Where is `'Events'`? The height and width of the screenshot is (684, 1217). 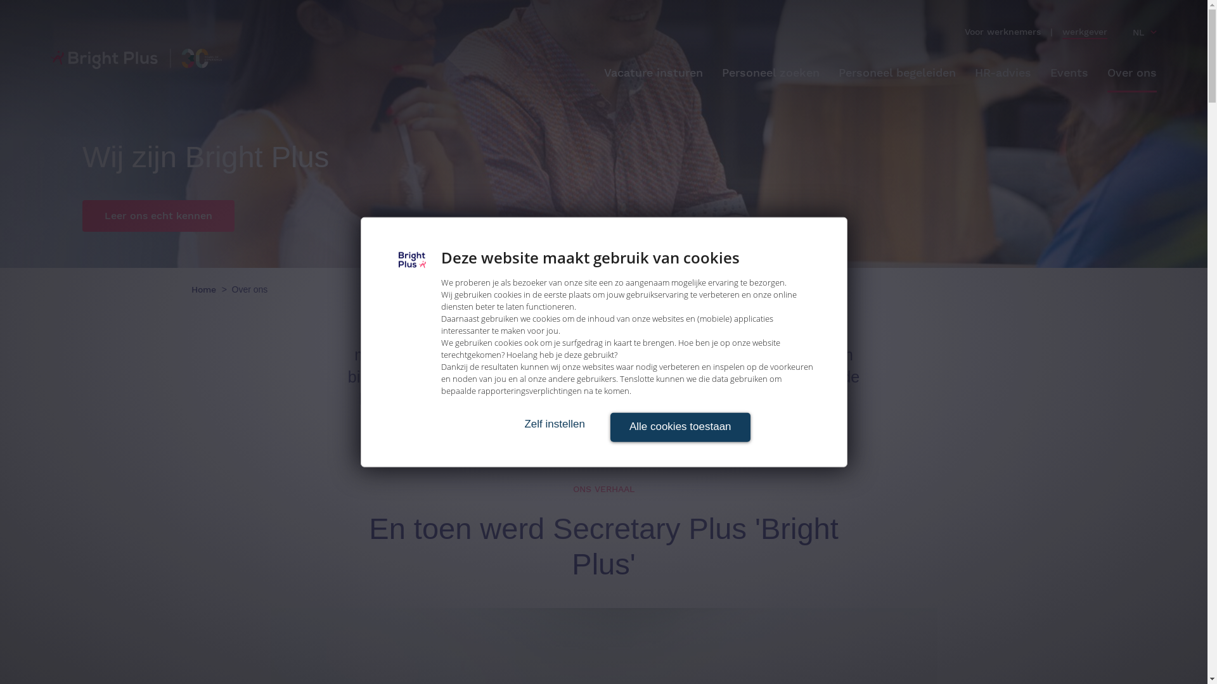
'Events' is located at coordinates (1050, 73).